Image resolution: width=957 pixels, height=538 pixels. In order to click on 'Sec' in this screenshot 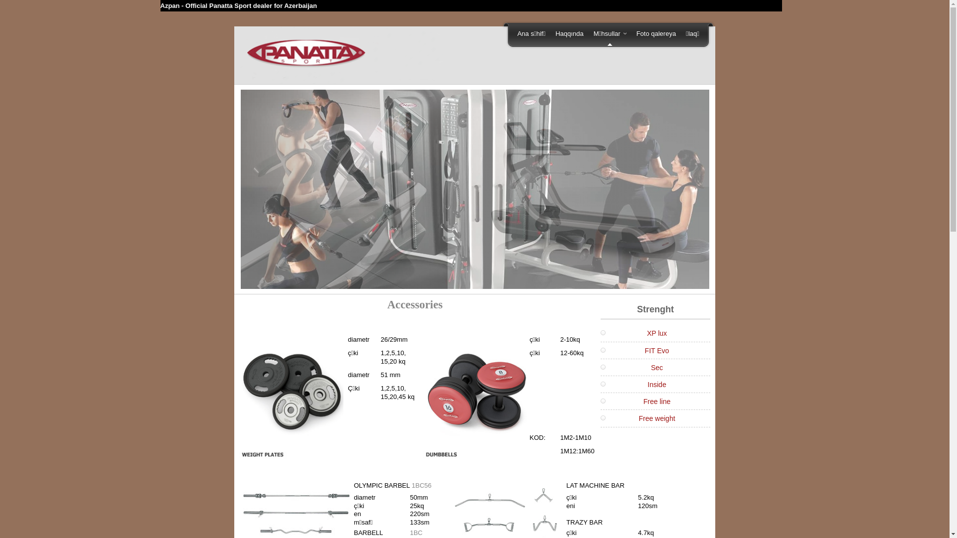, I will do `click(650, 367)`.